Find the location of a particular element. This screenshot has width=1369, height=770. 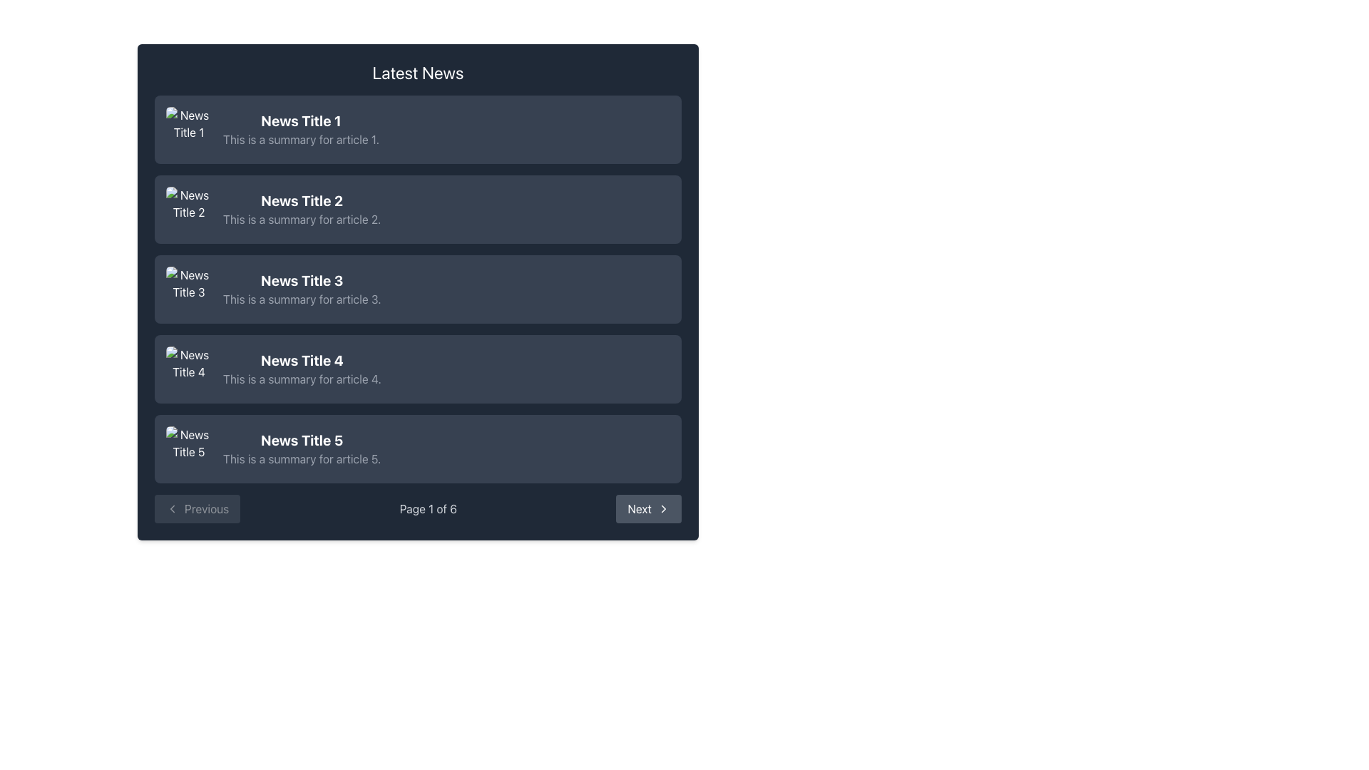

the 'Next' button located in the pagination control at the bottom right, which is used is located at coordinates (648, 508).